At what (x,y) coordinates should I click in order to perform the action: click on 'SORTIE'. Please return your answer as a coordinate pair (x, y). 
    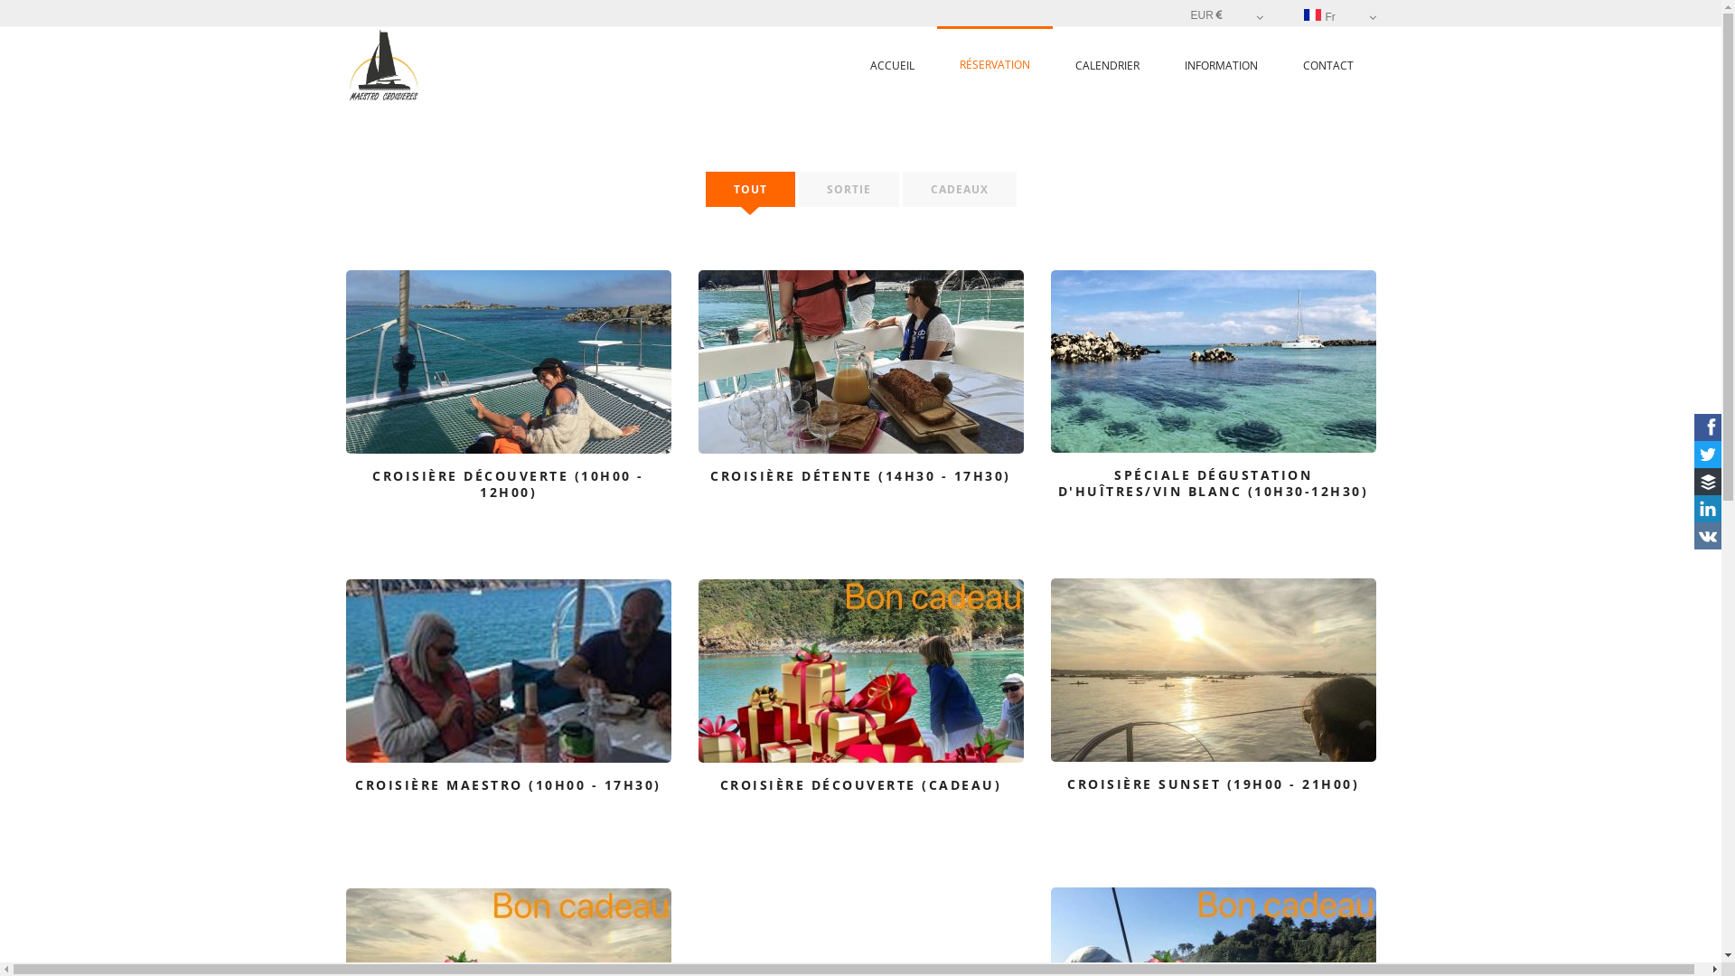
    Looking at the image, I should click on (848, 189).